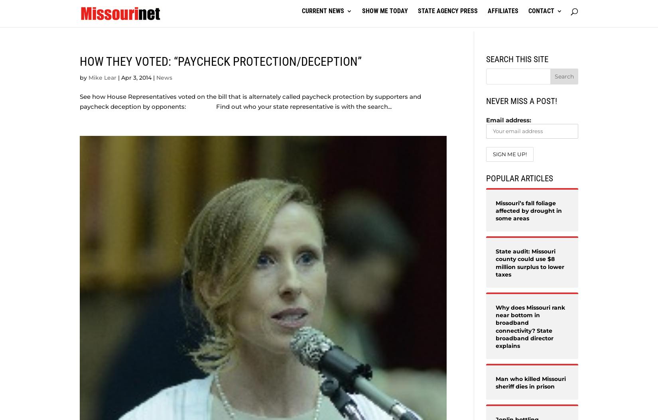  I want to click on 'Crime / Courts', so click(417, 50).